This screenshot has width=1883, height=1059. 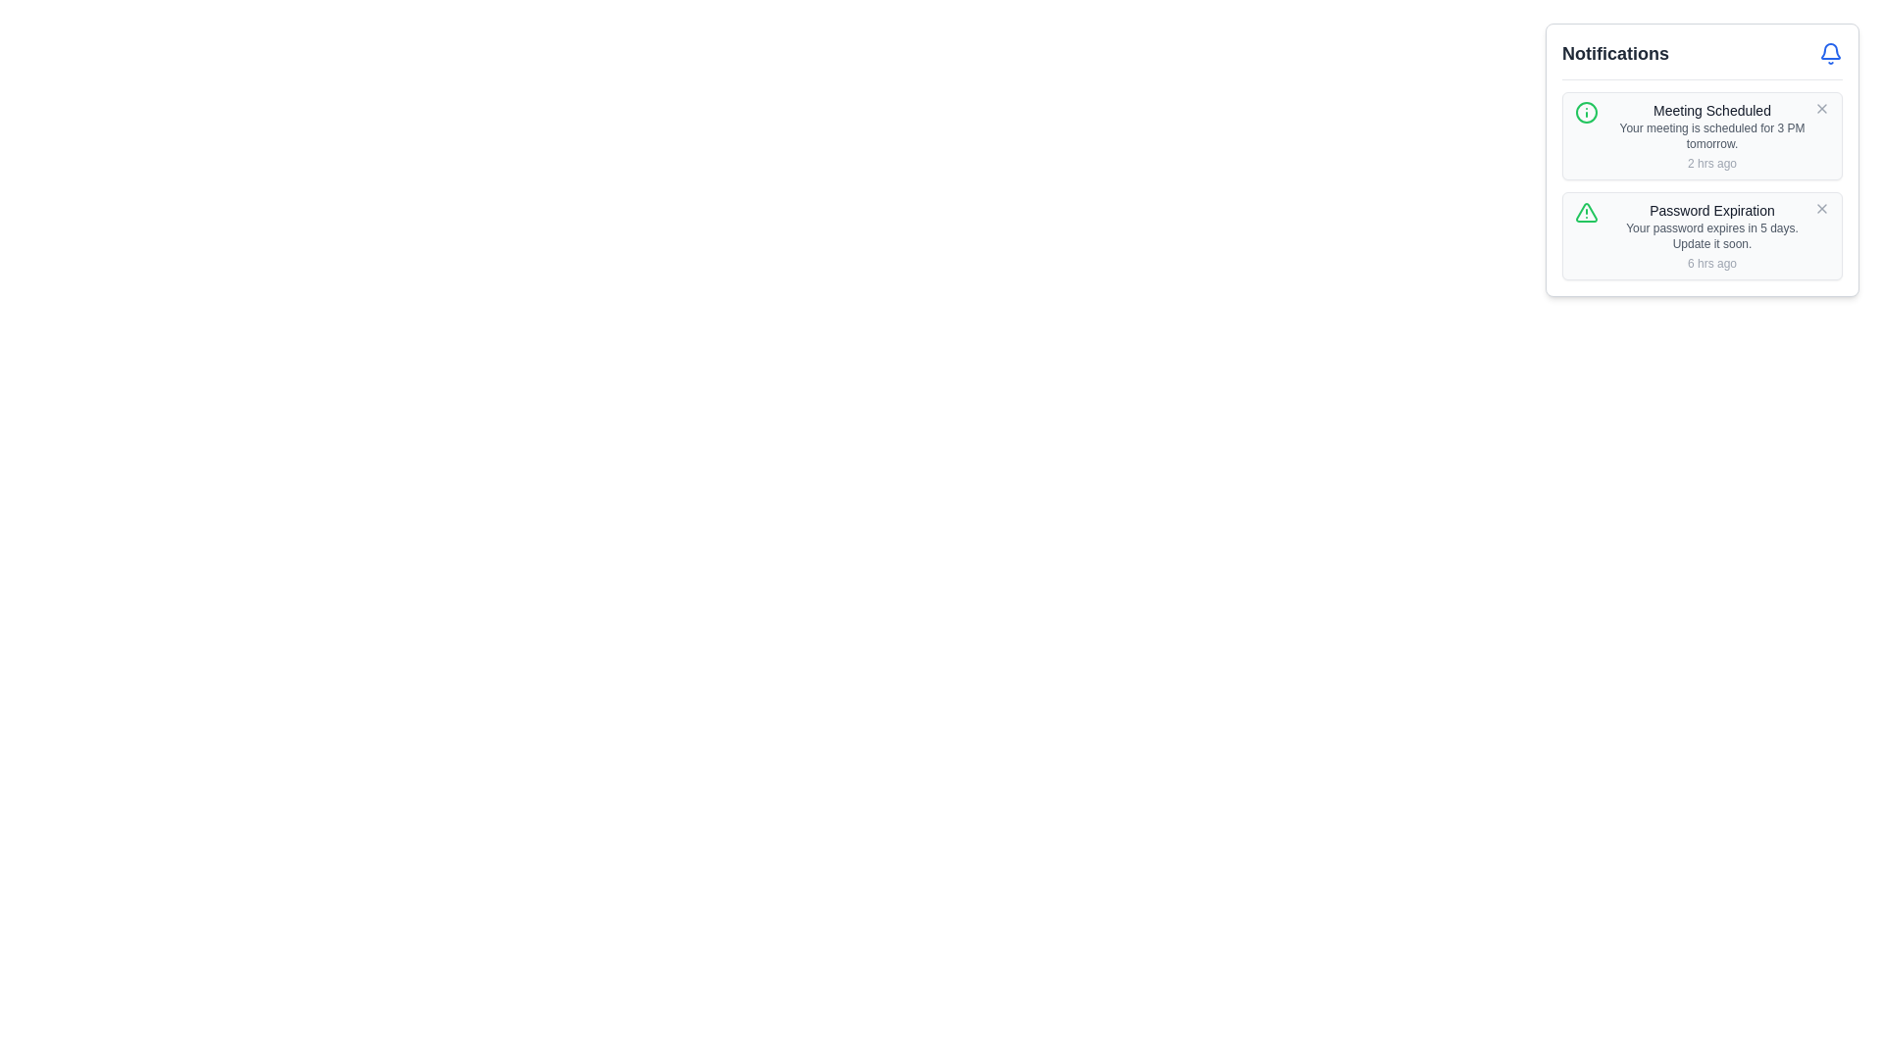 I want to click on notification titled 'Password Expiration' which indicates that 'Your password expires in 5 days. Update it soon.', so click(x=1711, y=234).